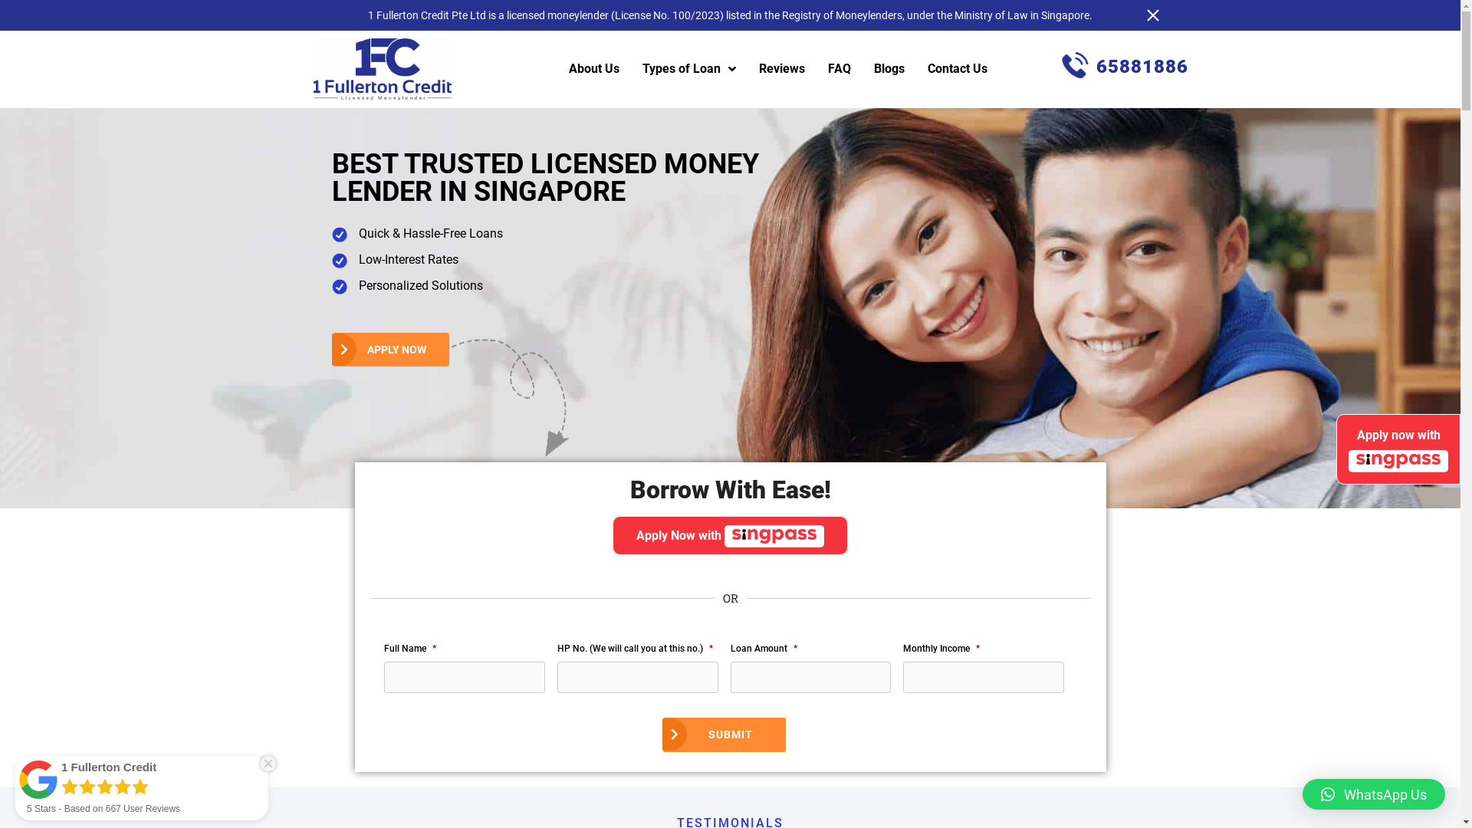  I want to click on 'Apply now with', so click(1335, 449).